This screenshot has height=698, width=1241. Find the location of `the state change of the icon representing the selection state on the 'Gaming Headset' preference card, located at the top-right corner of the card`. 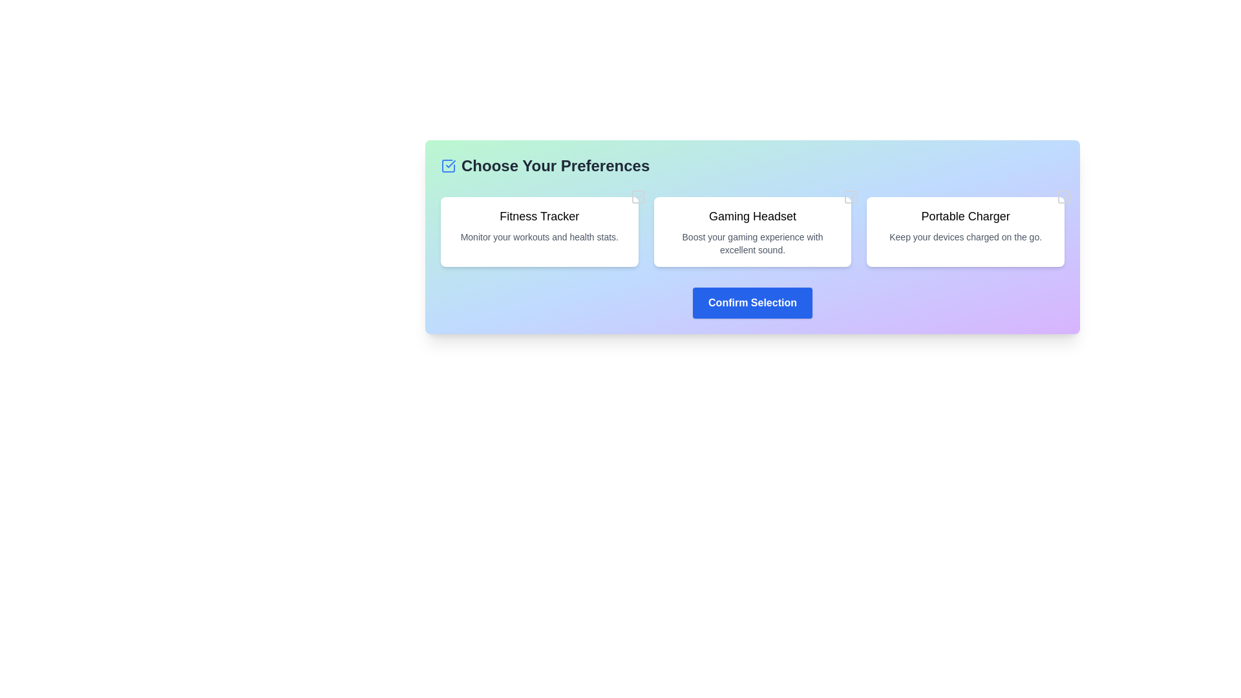

the state change of the icon representing the selection state on the 'Gaming Headset' preference card, located at the top-right corner of the card is located at coordinates (853, 195).